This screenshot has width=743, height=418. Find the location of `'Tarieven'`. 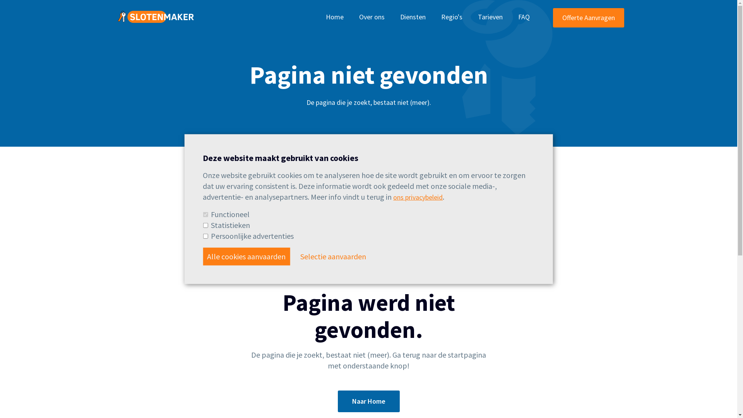

'Tarieven' is located at coordinates (490, 17).